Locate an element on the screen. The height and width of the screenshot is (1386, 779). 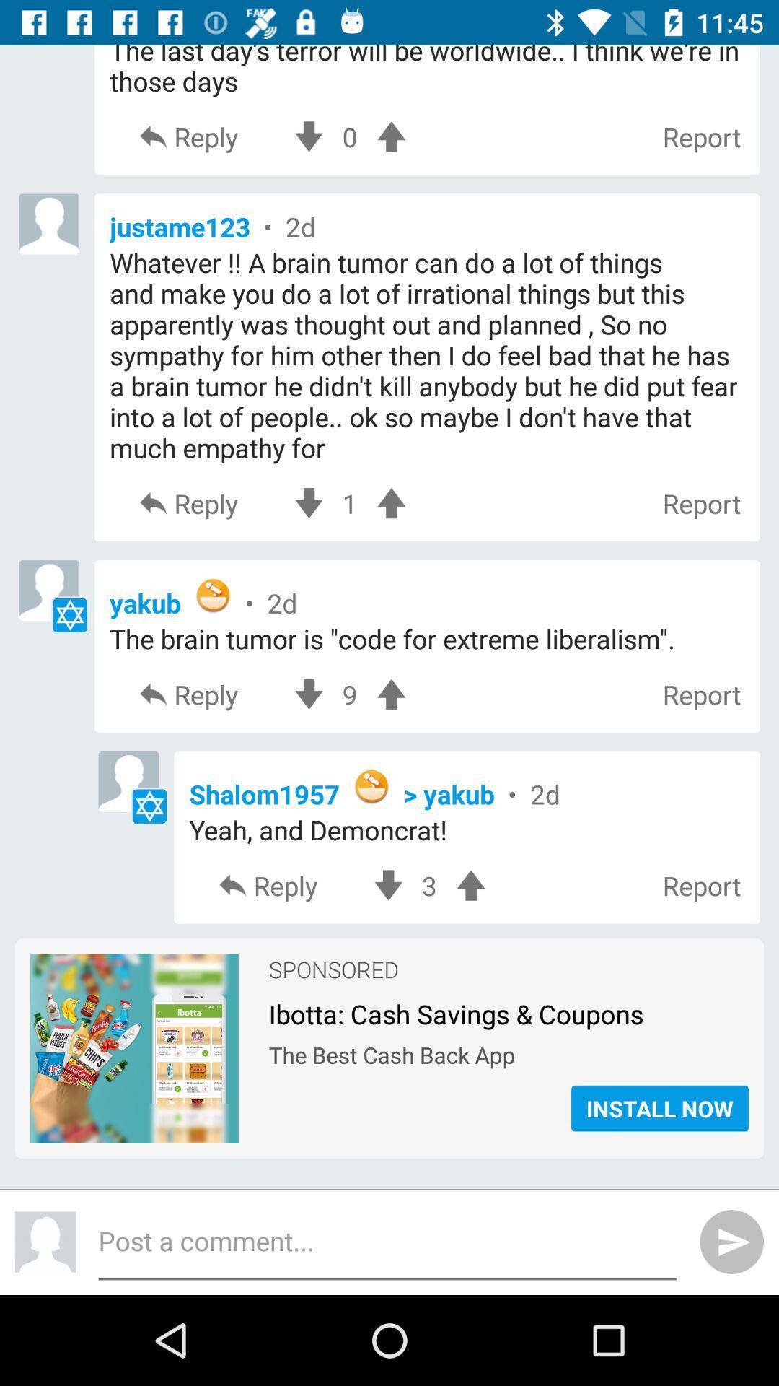
icon below ibotta cash savings item is located at coordinates (508, 1051).